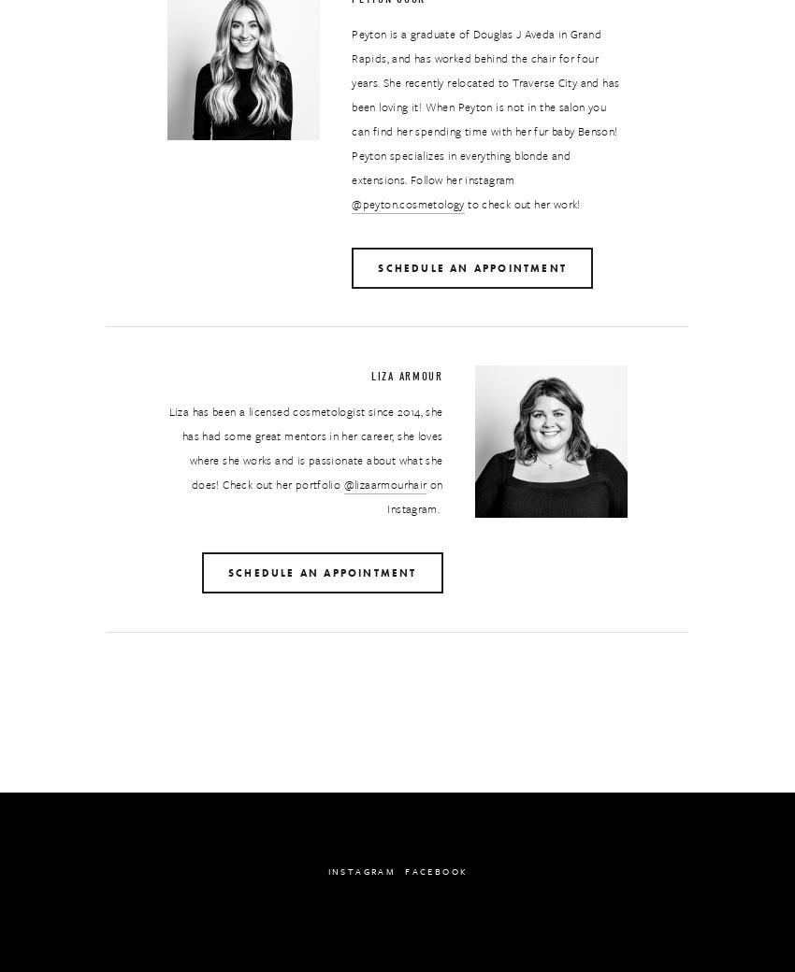 The image size is (795, 972). What do you see at coordinates (406, 203) in the screenshot?
I see `'@peyton.cosmetology'` at bounding box center [406, 203].